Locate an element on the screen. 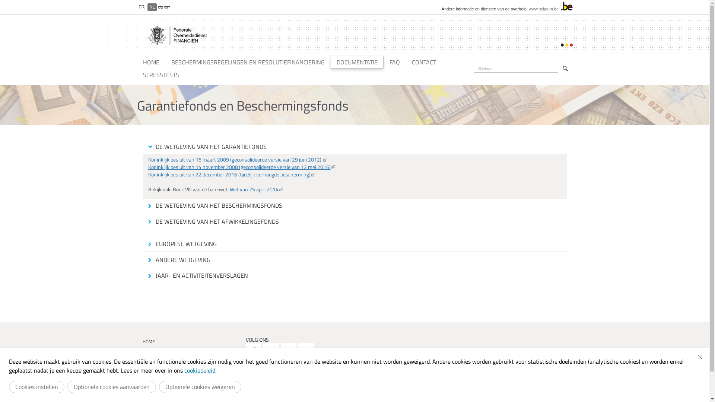 The height and width of the screenshot is (402, 715). 'BESCHERMINGSREGELINGEN EN RESOLUTIEFINANCIERING' is located at coordinates (248, 61).